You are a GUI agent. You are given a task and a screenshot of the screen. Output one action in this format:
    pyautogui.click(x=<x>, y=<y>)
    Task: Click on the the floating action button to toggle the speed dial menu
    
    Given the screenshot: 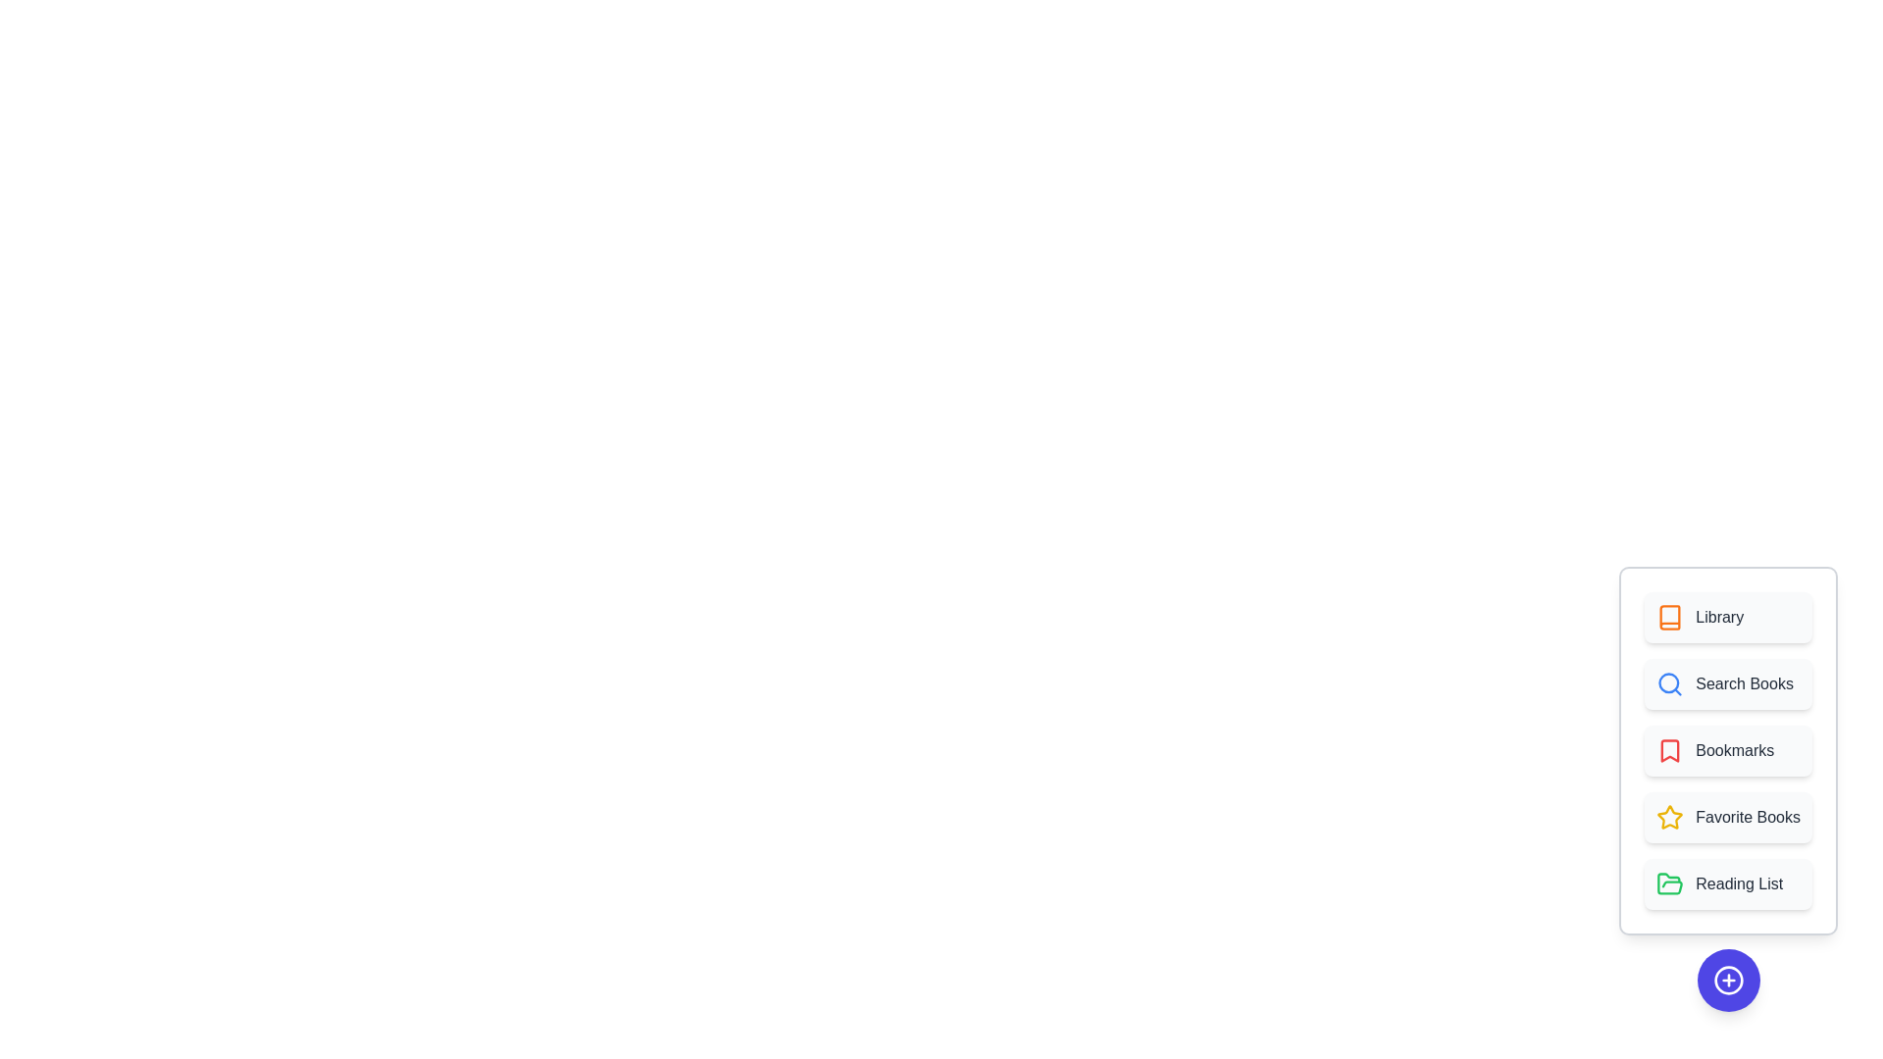 What is the action you would take?
    pyautogui.click(x=1728, y=980)
    